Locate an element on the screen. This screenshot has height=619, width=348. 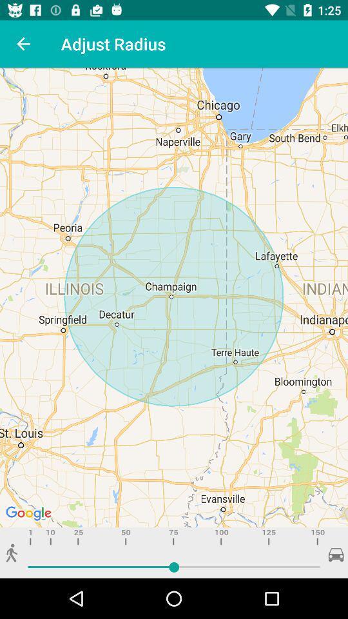
icon to the left of the adjust radius icon is located at coordinates (23, 44).